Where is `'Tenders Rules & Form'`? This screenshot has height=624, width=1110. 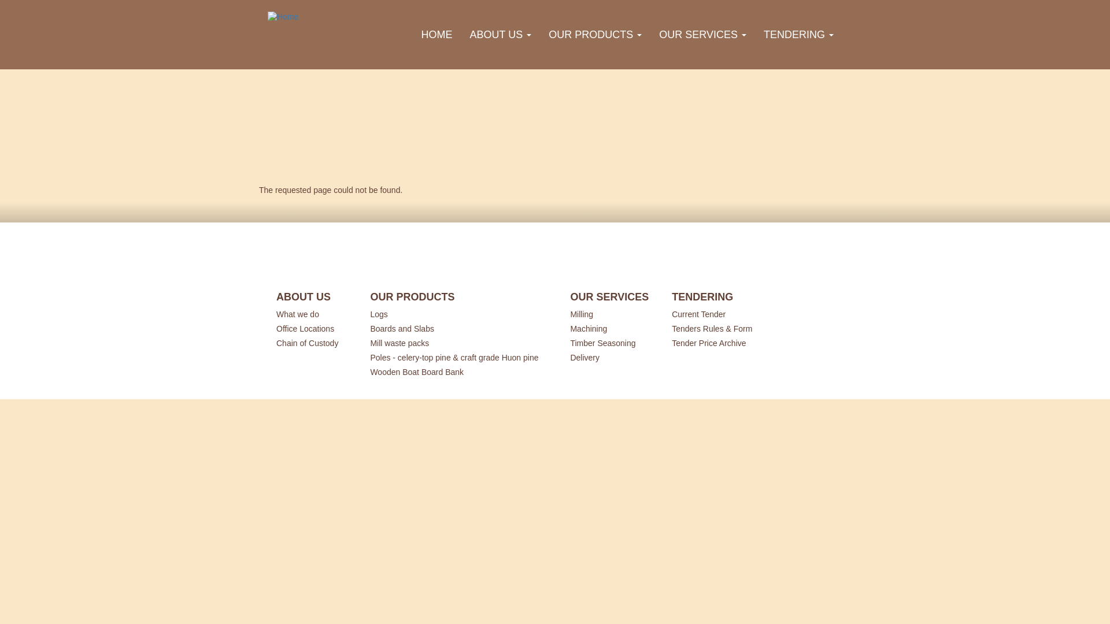 'Tenders Rules & Form' is located at coordinates (671, 328).